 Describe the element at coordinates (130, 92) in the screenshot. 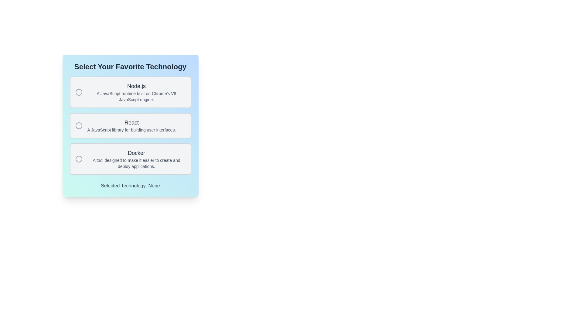

I see `the first clickable information box in the vertically arranged list` at that location.